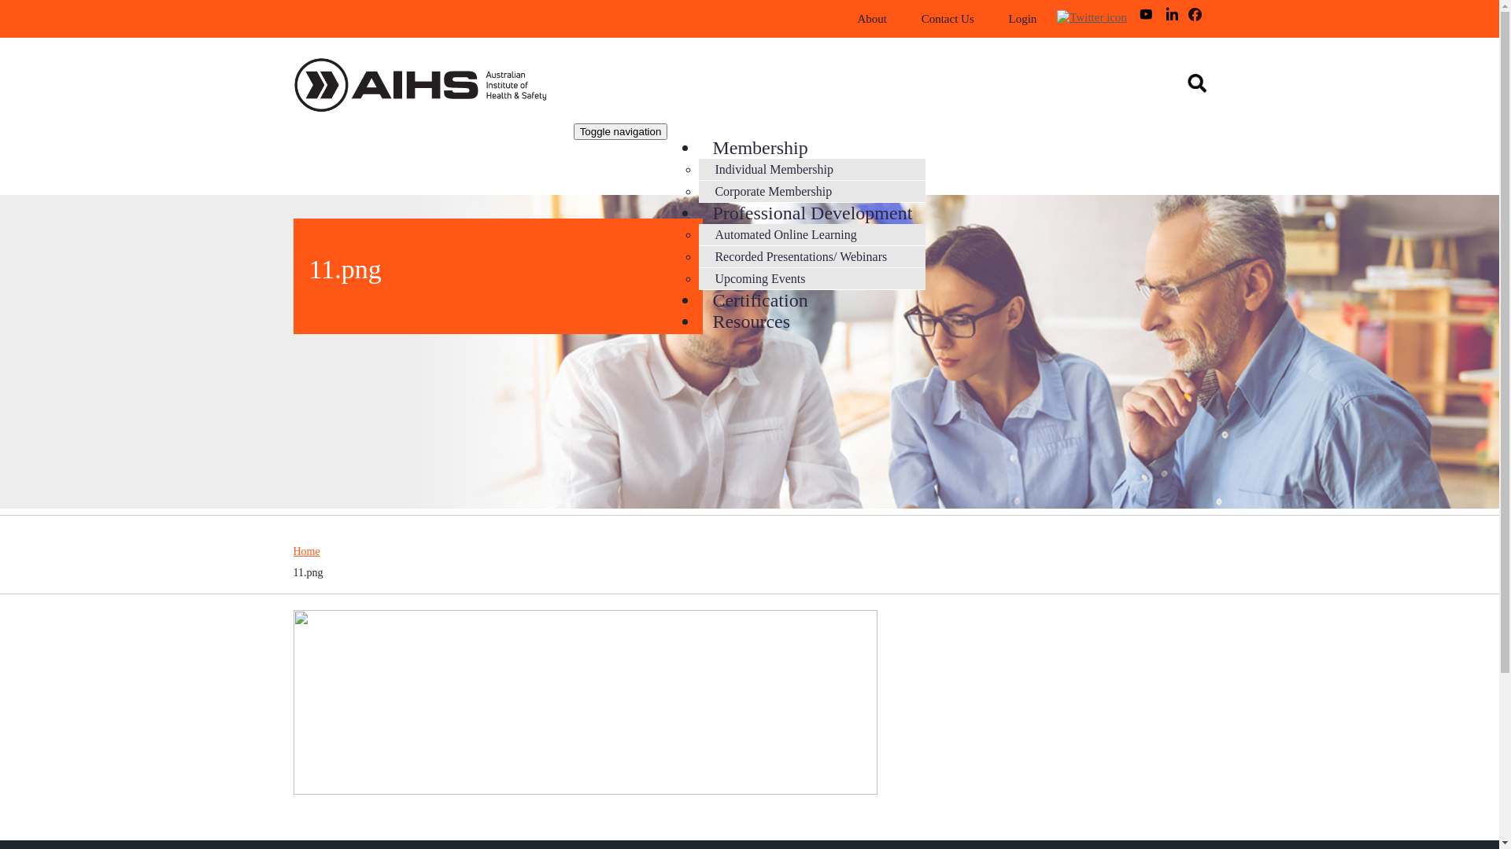 The width and height of the screenshot is (1511, 849). What do you see at coordinates (434, 87) in the screenshot?
I see `'Home'` at bounding box center [434, 87].